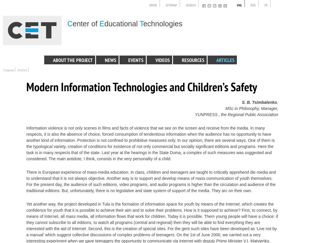  I want to click on 'Information violence is not only scenes in films and facts of violence that we see on the screen and receive from the media. In many respects, it is also the absence of choice, forced consumption of tendentious information when the audience has no opportunity to have another kind of information. Protection is not confined to prohibitive measures only. In our opinion, there are several ways. One of them is the typological variety, creation of conditions for existence of not only commercial but socially significant editions and programs. Here the task is in many respects that of the state. Last year at the hearings in the State Duma, a complex of such measures was suggested and considered. The main antidote, I think, consists in the very personality of a child.', so click(150, 143).